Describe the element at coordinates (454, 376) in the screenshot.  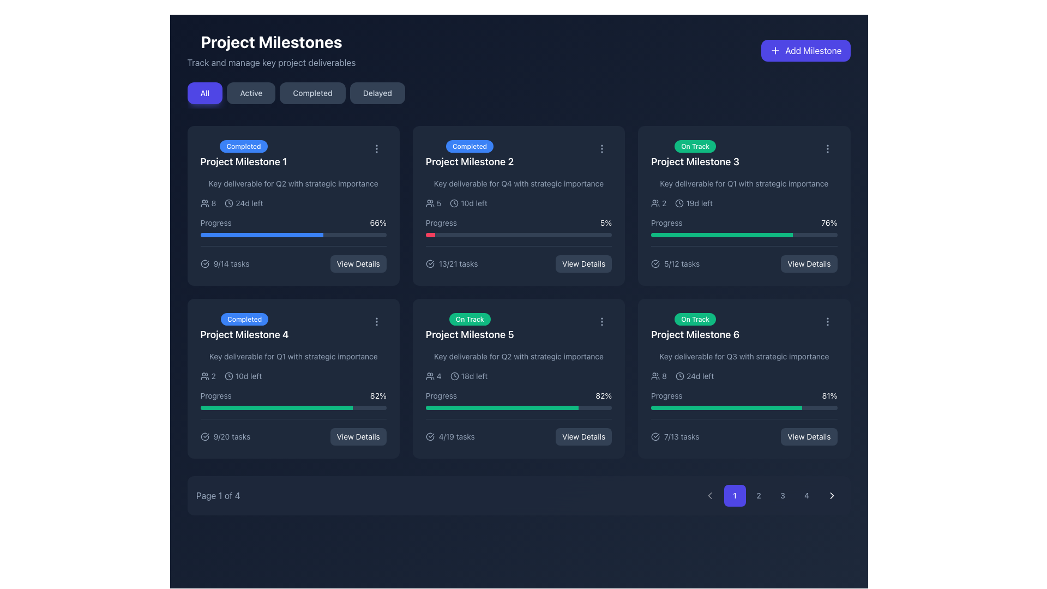
I see `the SVG graphical element (circle) that represents a timer or deadline associated with Project Milestone 5, located in the header adjacent to the time left text` at that location.